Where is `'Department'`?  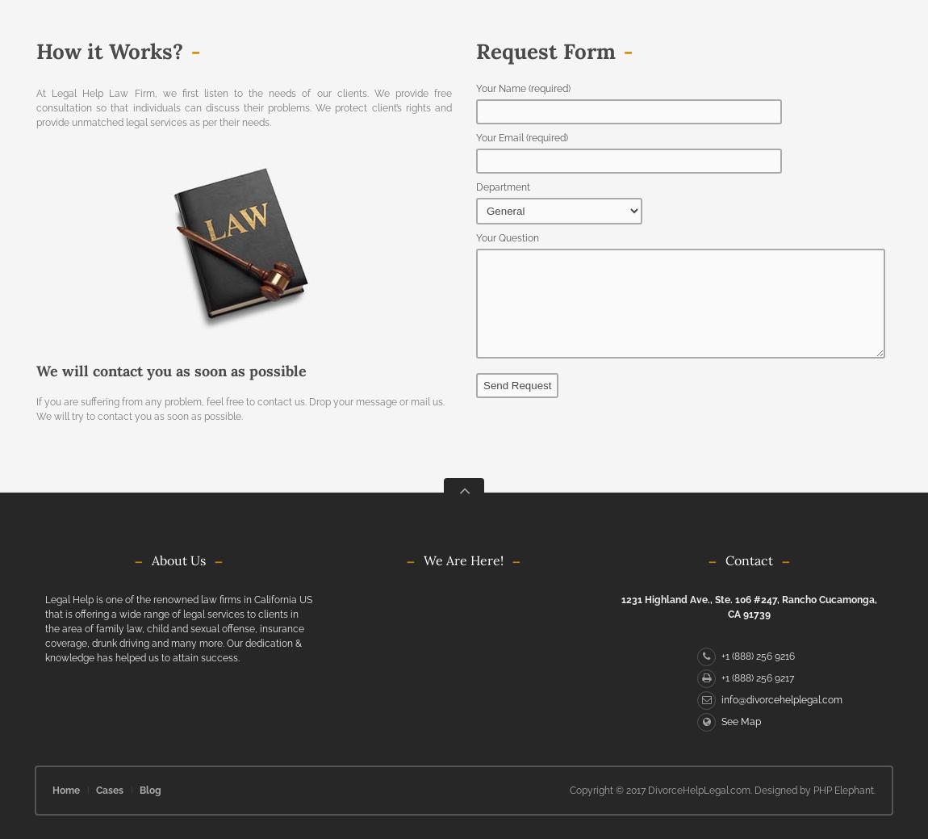
'Department' is located at coordinates (502, 186).